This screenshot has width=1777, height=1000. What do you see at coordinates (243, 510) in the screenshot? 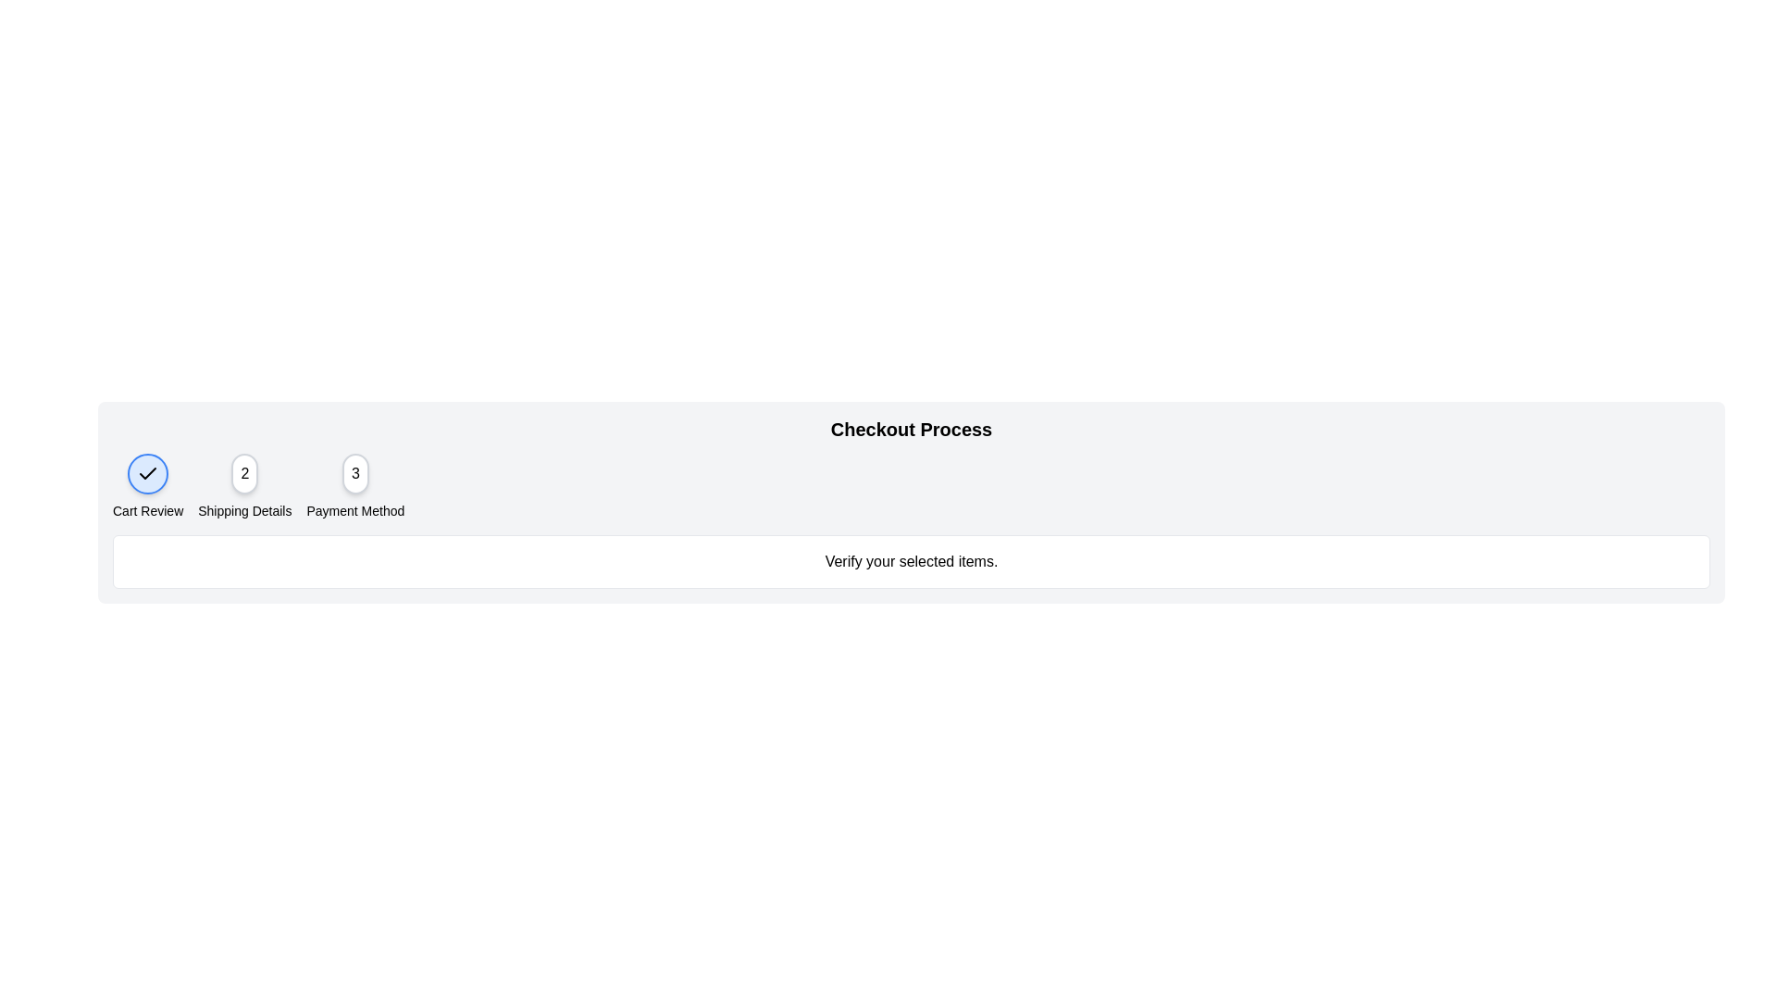
I see `text label indicating the second step in the checkout process for shipping details, positioned between 'Cart Review' and 'Payment Method'` at bounding box center [243, 510].